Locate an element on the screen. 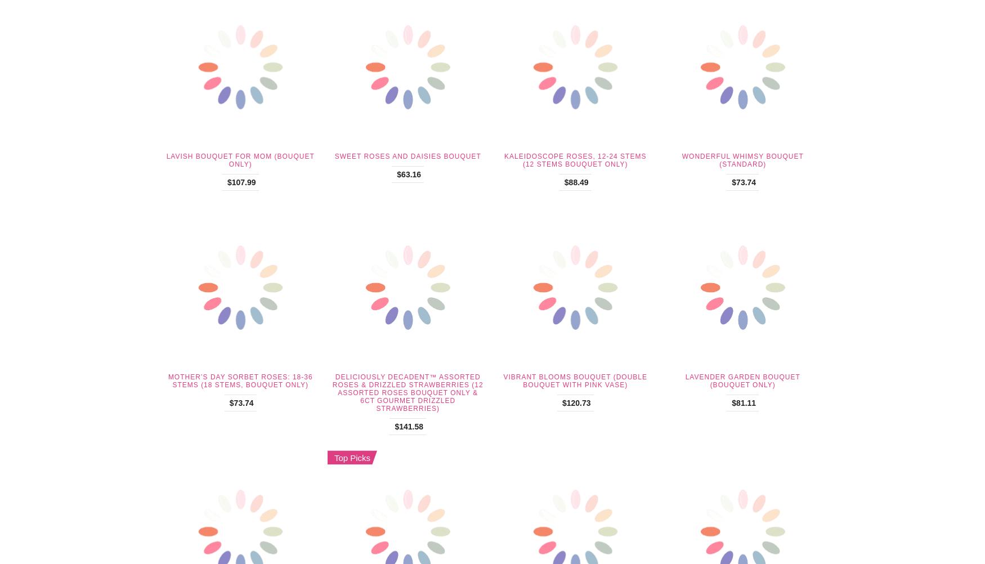  '$63.16' is located at coordinates (409, 174).